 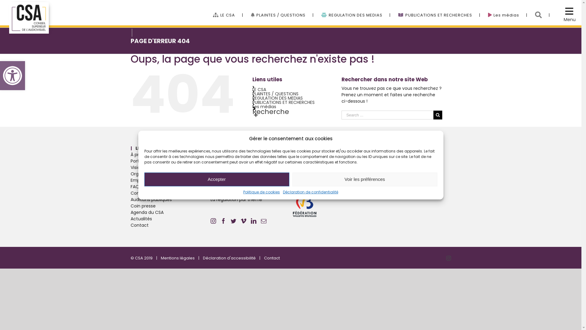 I want to click on 'PLAINTES / QUESTIONS', so click(x=282, y=9).